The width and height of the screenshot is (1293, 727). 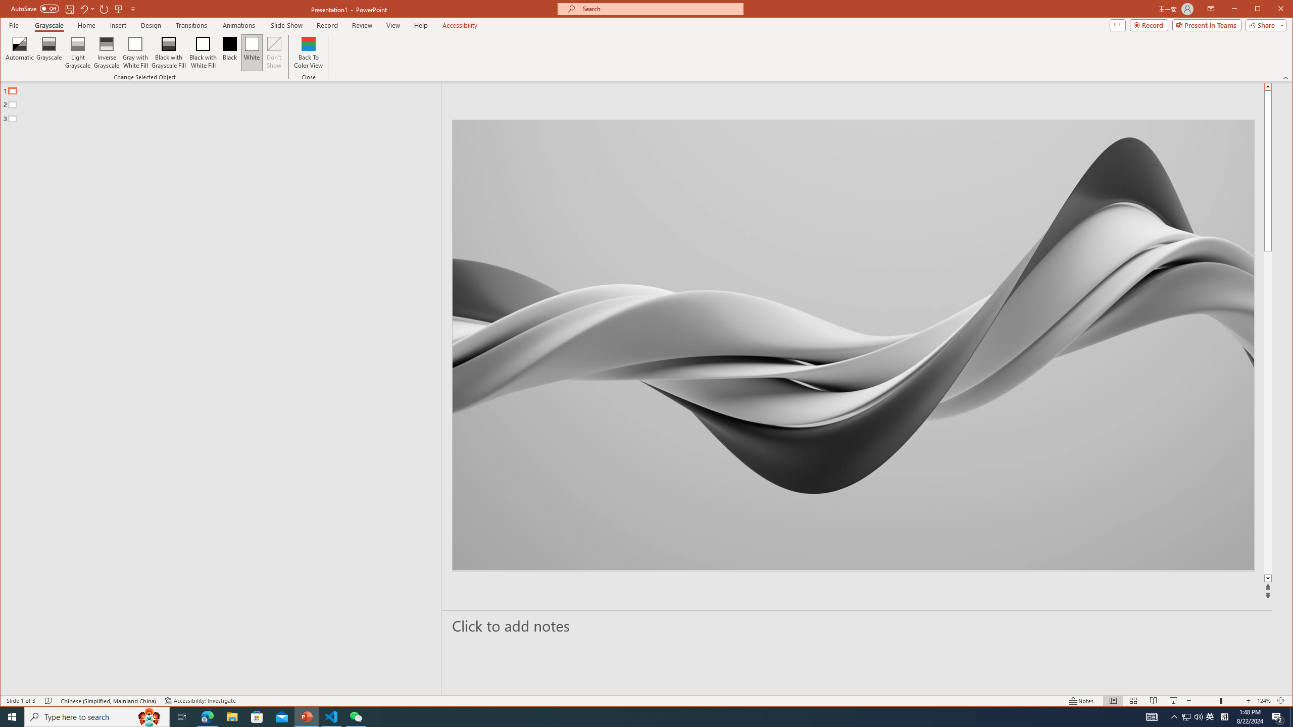 What do you see at coordinates (1153, 700) in the screenshot?
I see `'Reading View'` at bounding box center [1153, 700].